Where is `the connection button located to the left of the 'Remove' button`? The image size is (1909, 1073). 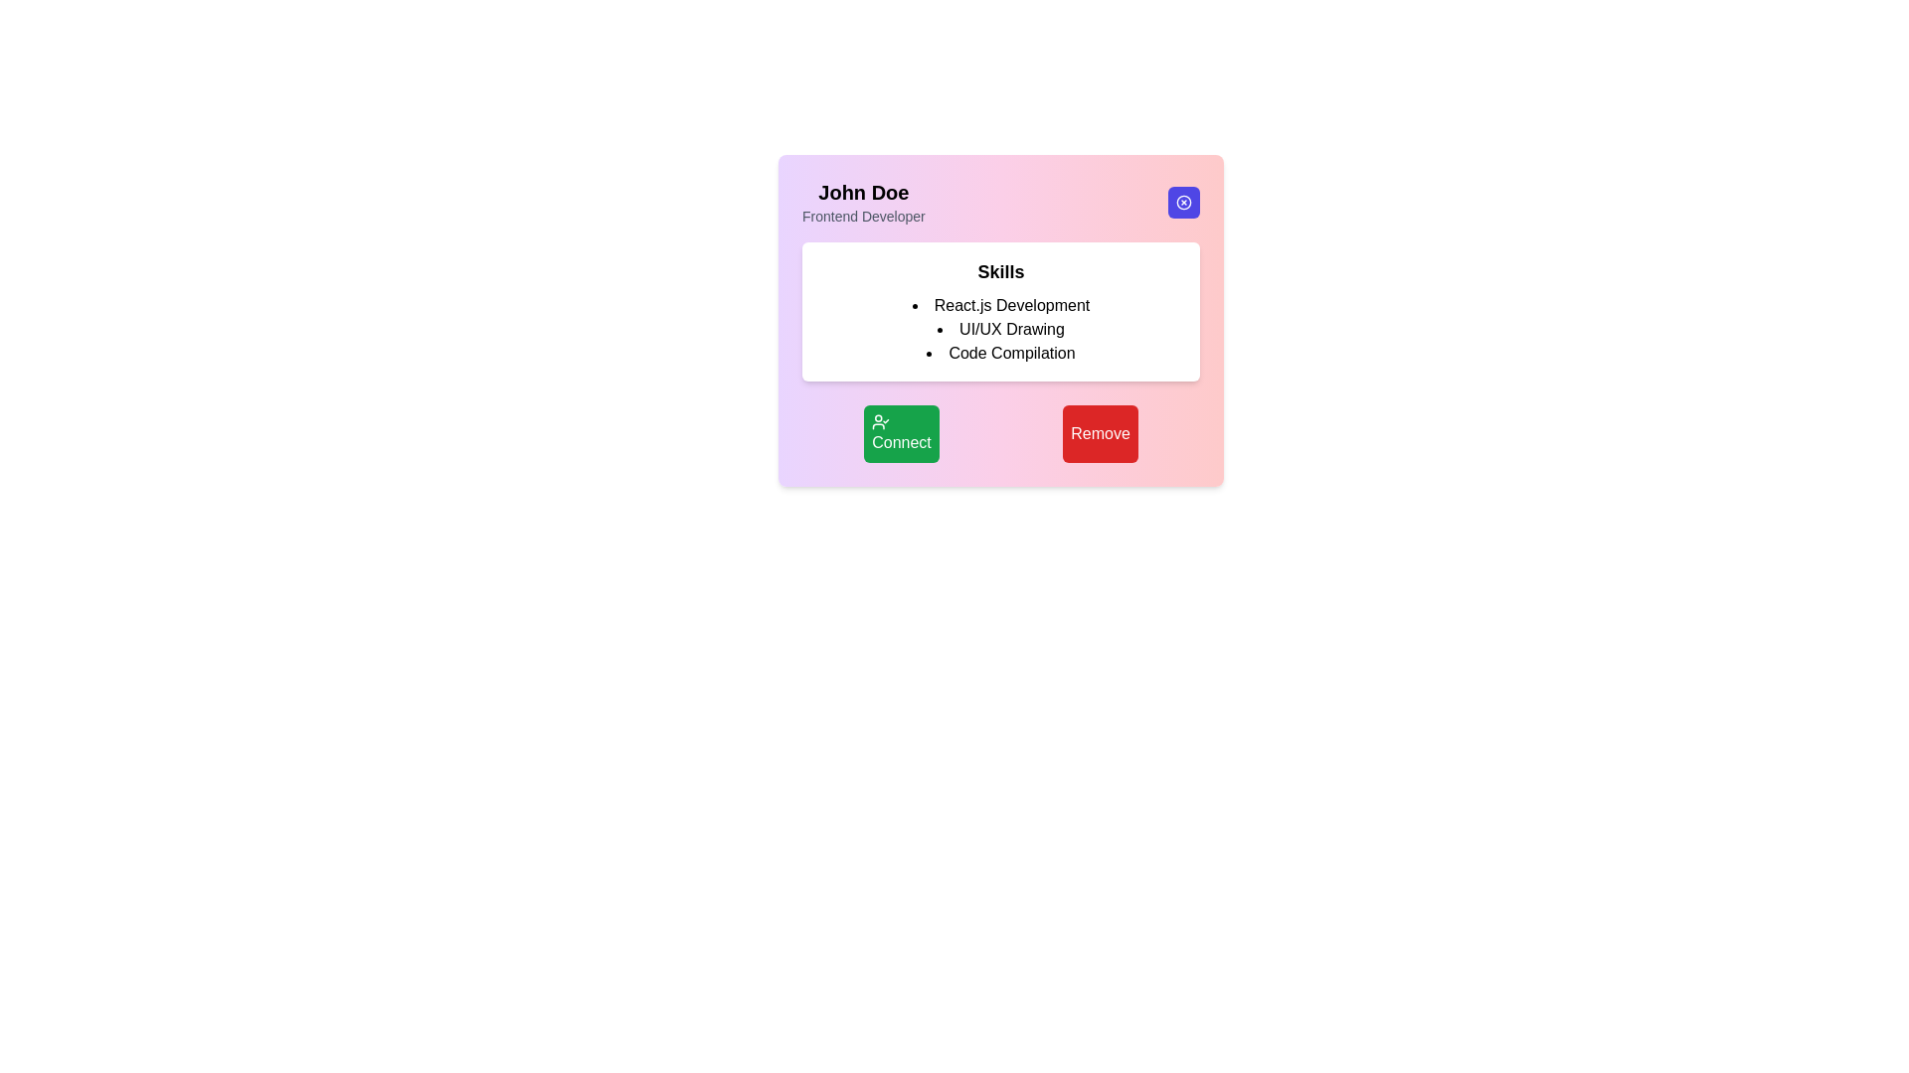
the connection button located to the left of the 'Remove' button is located at coordinates (901, 432).